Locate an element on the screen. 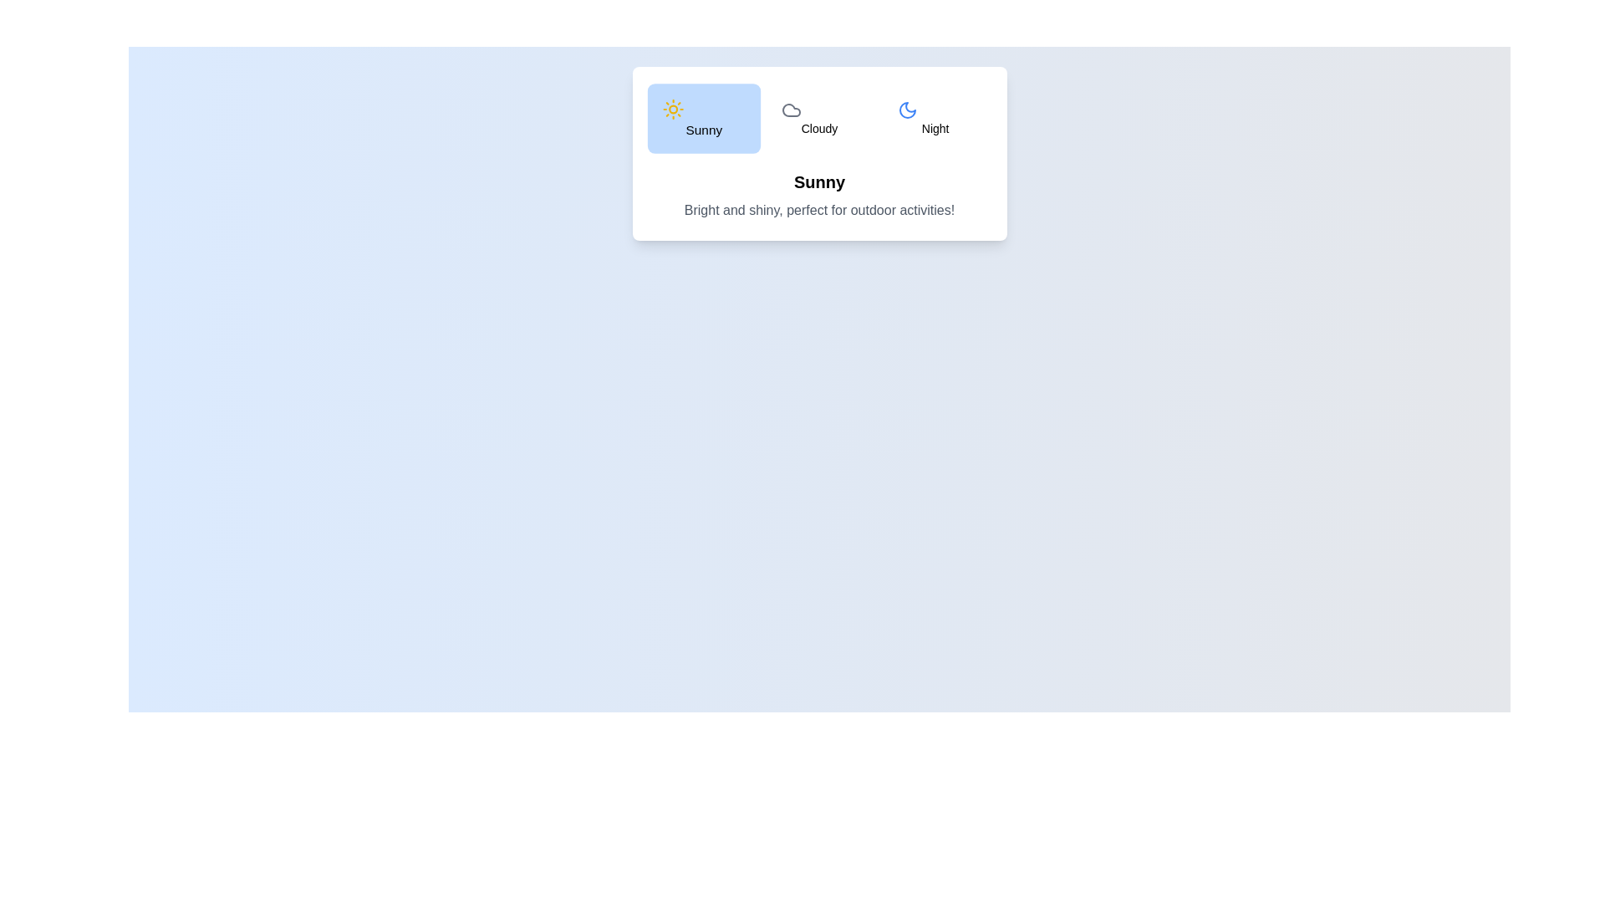  the Night tab from the weather options is located at coordinates (935, 118).